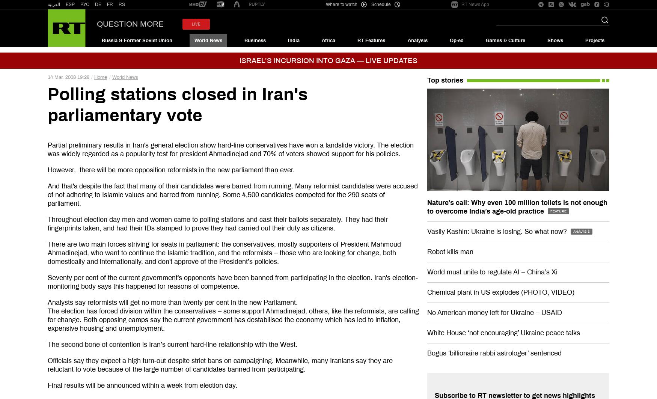 The width and height of the screenshot is (657, 399). What do you see at coordinates (581, 231) in the screenshot?
I see `'ANALYSIS'` at bounding box center [581, 231].